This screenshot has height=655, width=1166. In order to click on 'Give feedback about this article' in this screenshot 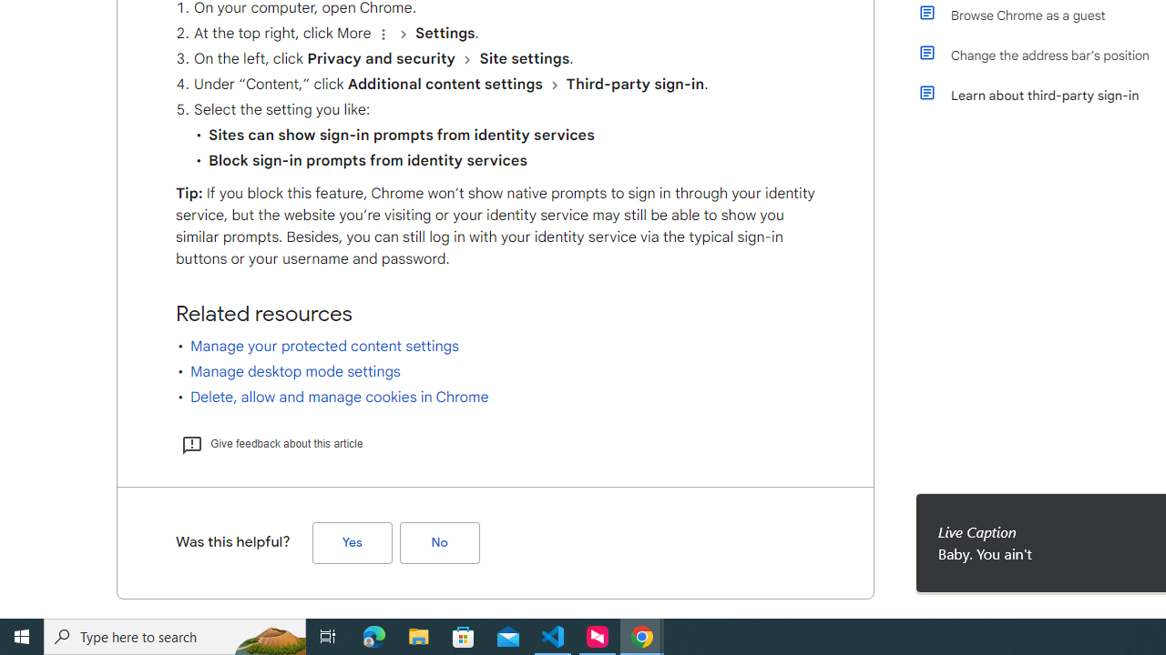, I will do `click(271, 443)`.